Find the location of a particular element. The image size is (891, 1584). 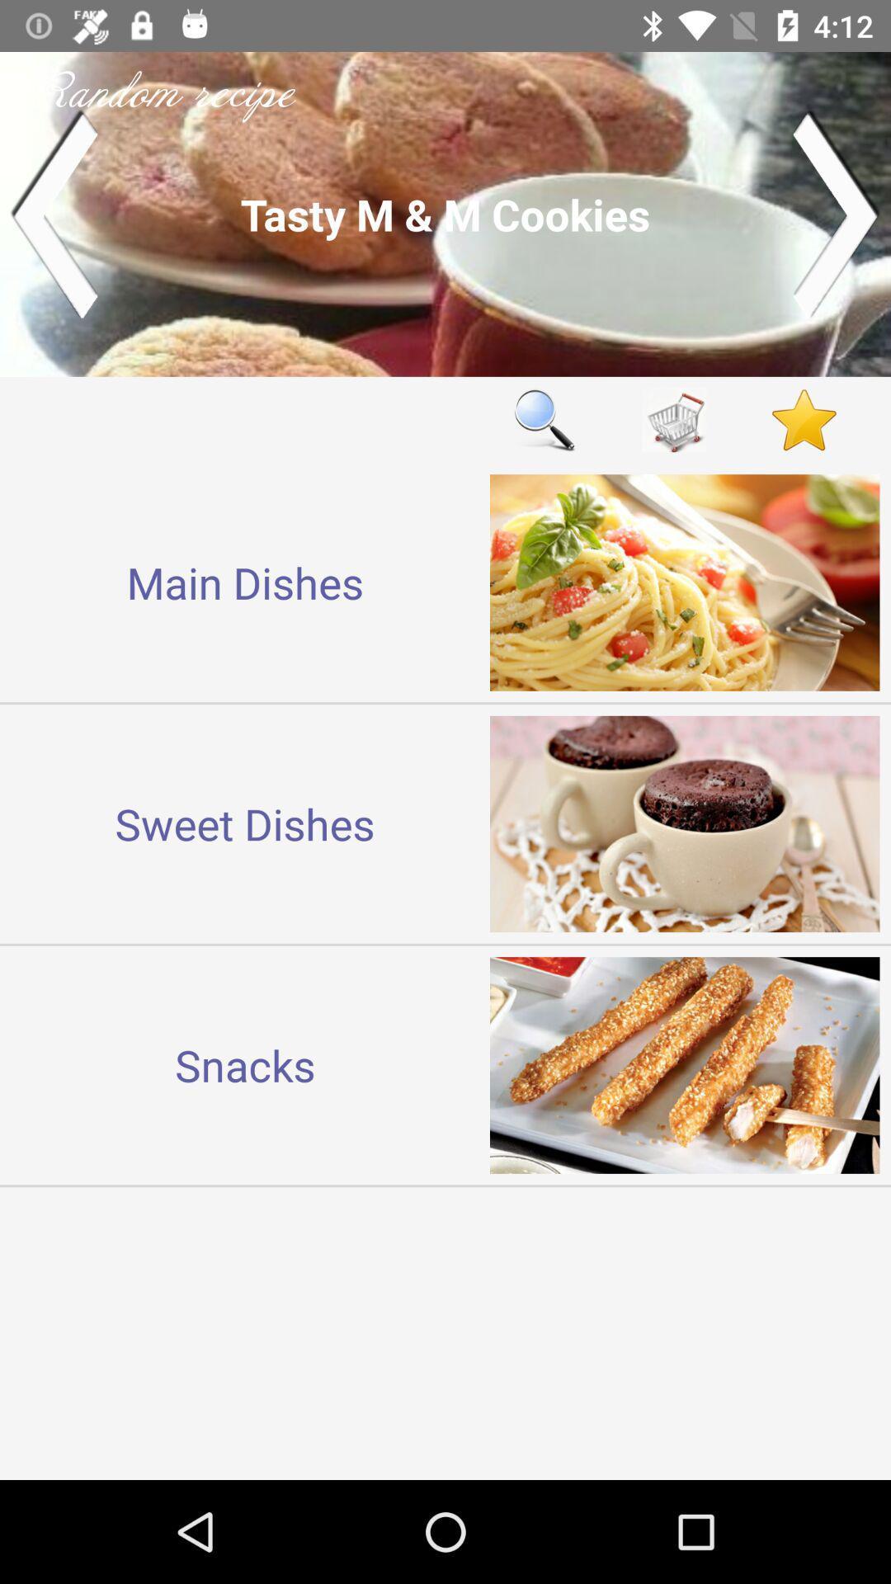

the icon below main dishes item is located at coordinates (245, 823).